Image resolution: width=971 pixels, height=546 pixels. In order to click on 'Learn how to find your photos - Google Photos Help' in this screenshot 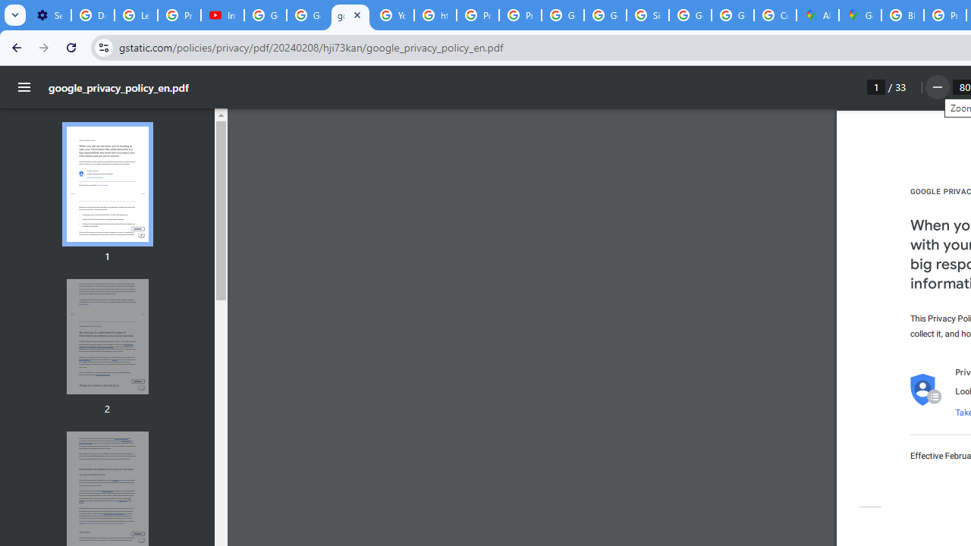, I will do `click(136, 15)`.